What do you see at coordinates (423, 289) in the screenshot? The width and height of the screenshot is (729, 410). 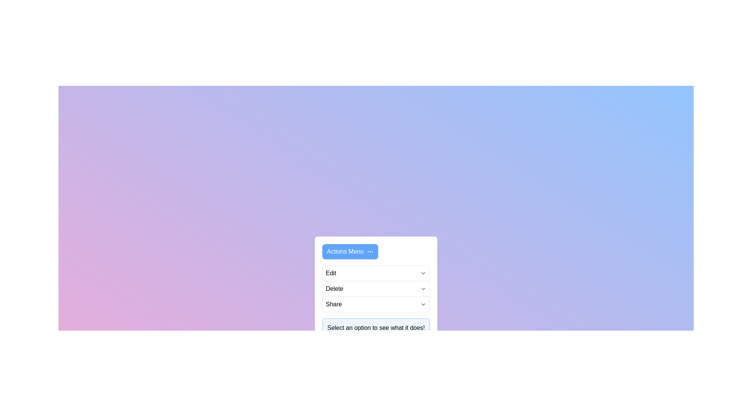 I see `the chevron icon corresponding to the Delete to toggle its dropdown` at bounding box center [423, 289].